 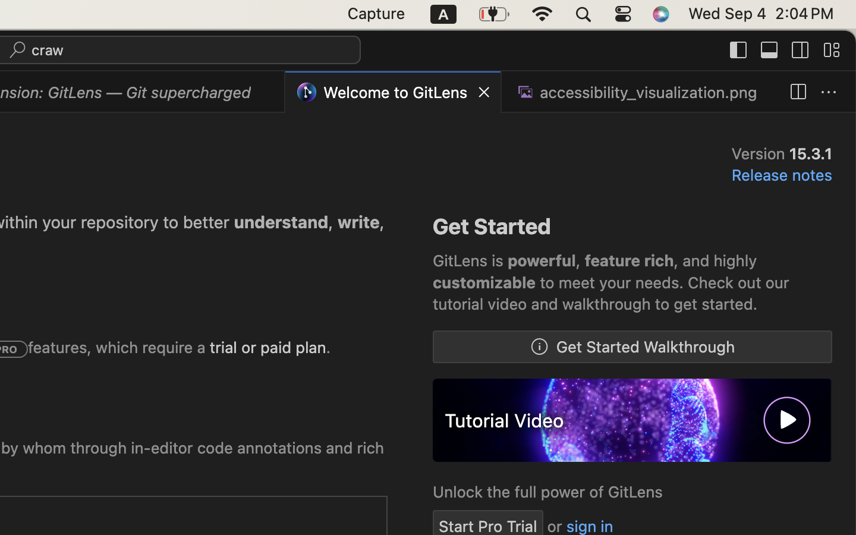 What do you see at coordinates (542, 261) in the screenshot?
I see `'powerful'` at bounding box center [542, 261].